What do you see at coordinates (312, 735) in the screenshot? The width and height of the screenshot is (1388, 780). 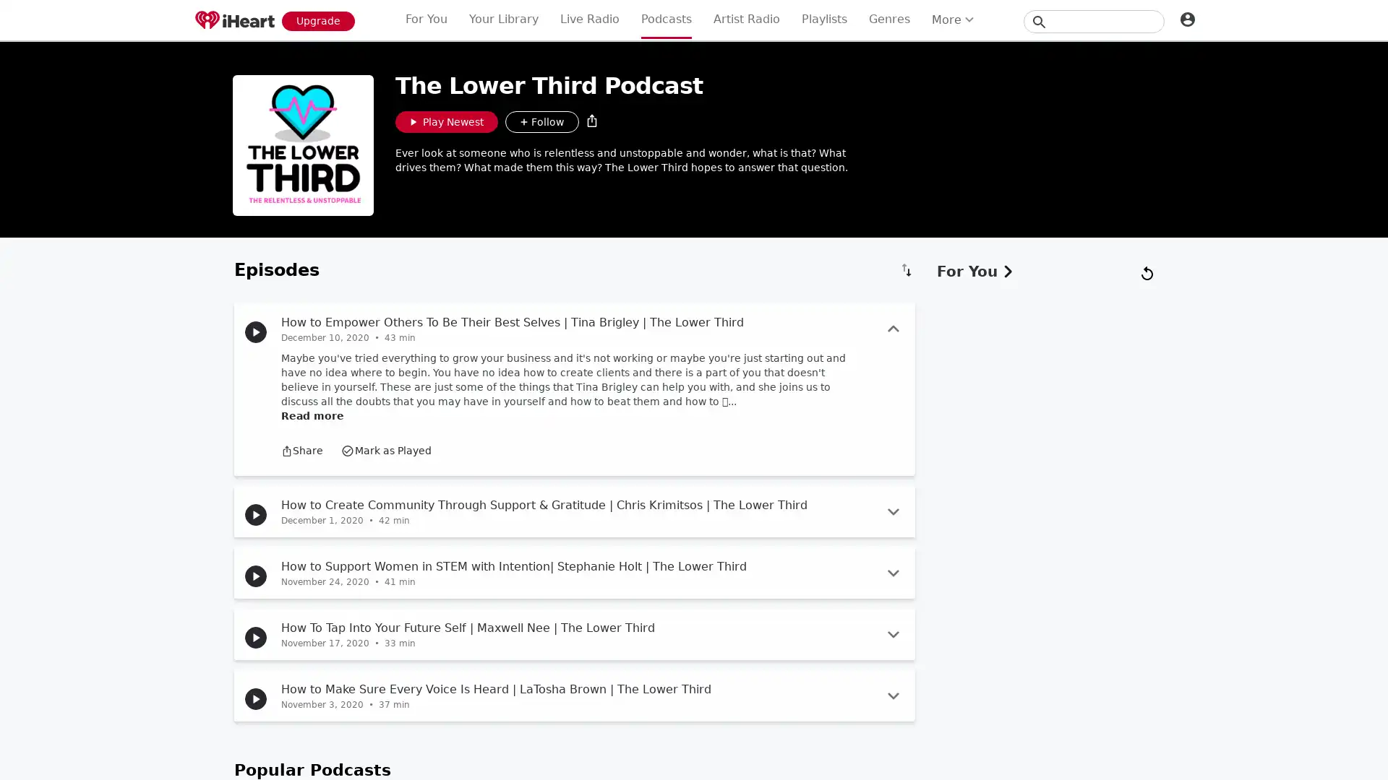 I see `Read more` at bounding box center [312, 735].